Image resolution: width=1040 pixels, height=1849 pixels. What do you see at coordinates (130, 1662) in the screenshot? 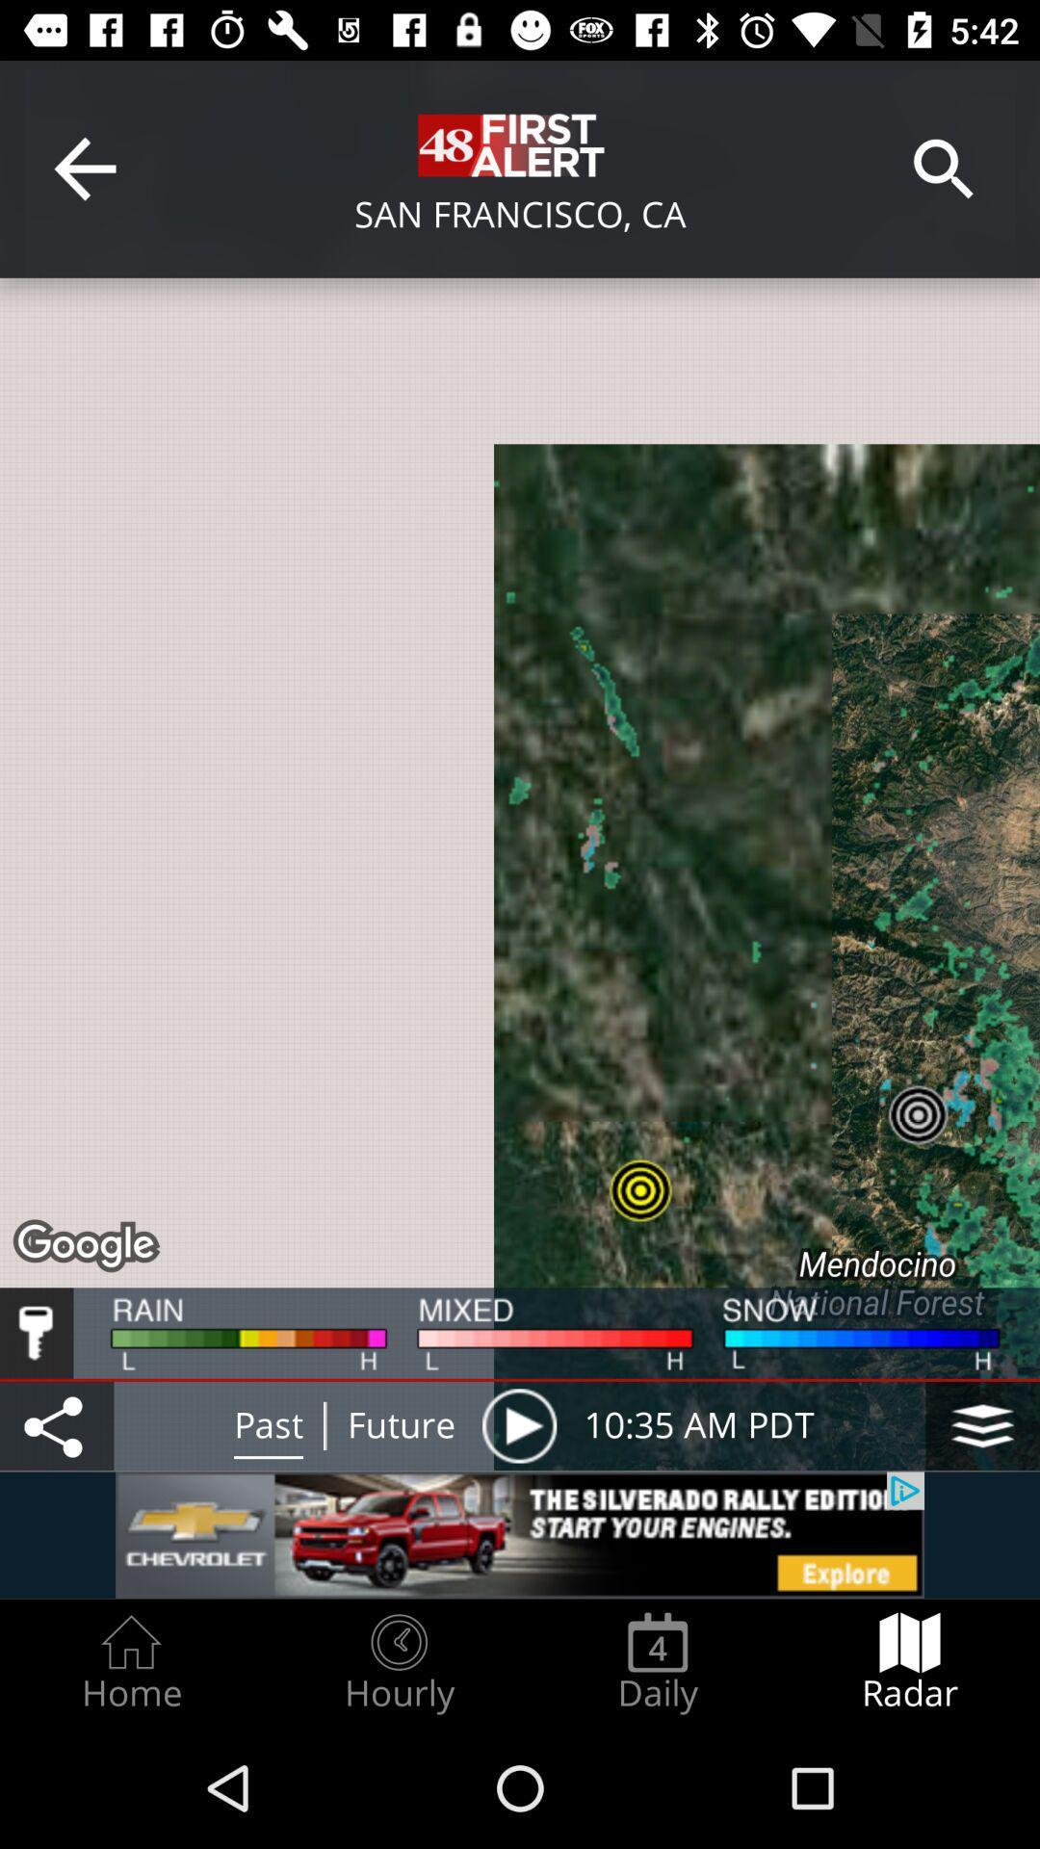
I see `radio button to the left of the hourly` at bounding box center [130, 1662].